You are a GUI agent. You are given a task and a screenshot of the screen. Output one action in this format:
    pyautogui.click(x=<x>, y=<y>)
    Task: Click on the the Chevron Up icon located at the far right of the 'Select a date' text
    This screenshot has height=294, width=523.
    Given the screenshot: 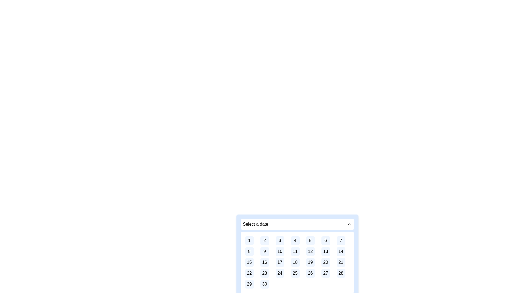 What is the action you would take?
    pyautogui.click(x=349, y=224)
    